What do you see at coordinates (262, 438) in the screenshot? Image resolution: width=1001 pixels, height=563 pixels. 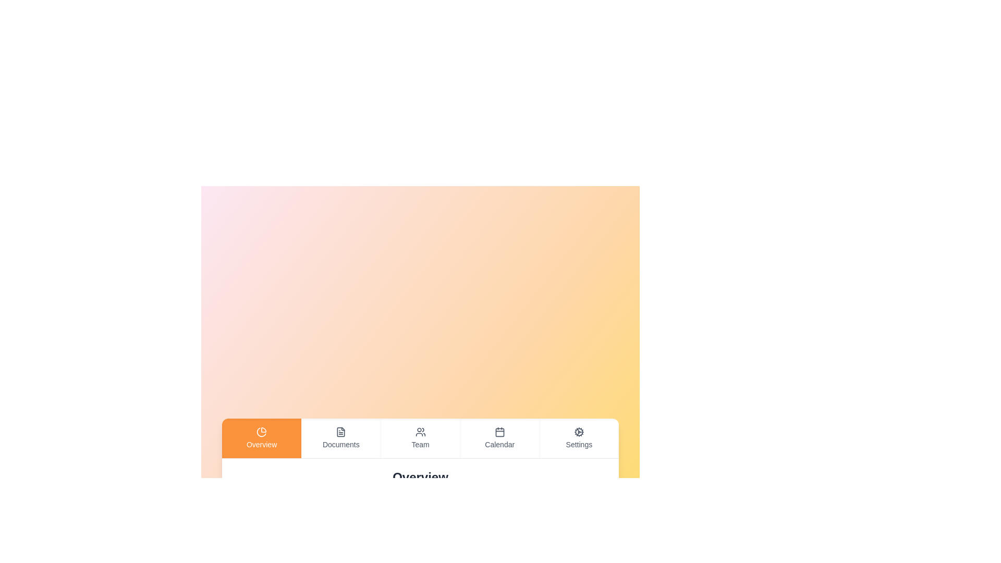 I see `the 'Overview' button with an orange background and white text` at bounding box center [262, 438].